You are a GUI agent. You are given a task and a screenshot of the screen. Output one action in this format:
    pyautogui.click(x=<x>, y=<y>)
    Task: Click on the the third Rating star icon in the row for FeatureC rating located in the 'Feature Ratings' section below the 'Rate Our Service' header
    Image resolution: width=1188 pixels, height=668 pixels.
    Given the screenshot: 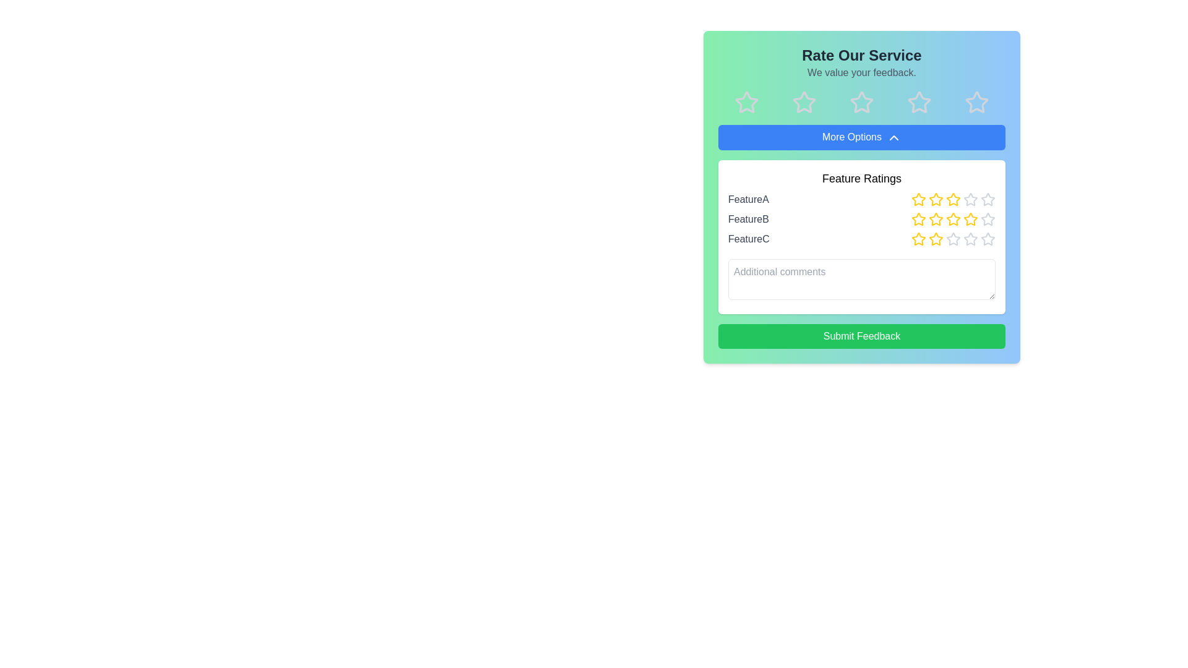 What is the action you would take?
    pyautogui.click(x=936, y=238)
    